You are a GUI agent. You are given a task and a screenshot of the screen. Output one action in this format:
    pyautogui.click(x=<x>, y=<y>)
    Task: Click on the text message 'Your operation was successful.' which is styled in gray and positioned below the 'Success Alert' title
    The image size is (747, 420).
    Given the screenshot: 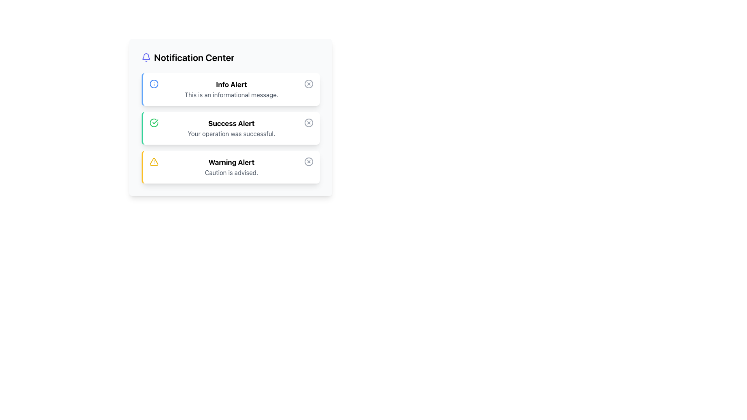 What is the action you would take?
    pyautogui.click(x=231, y=133)
    